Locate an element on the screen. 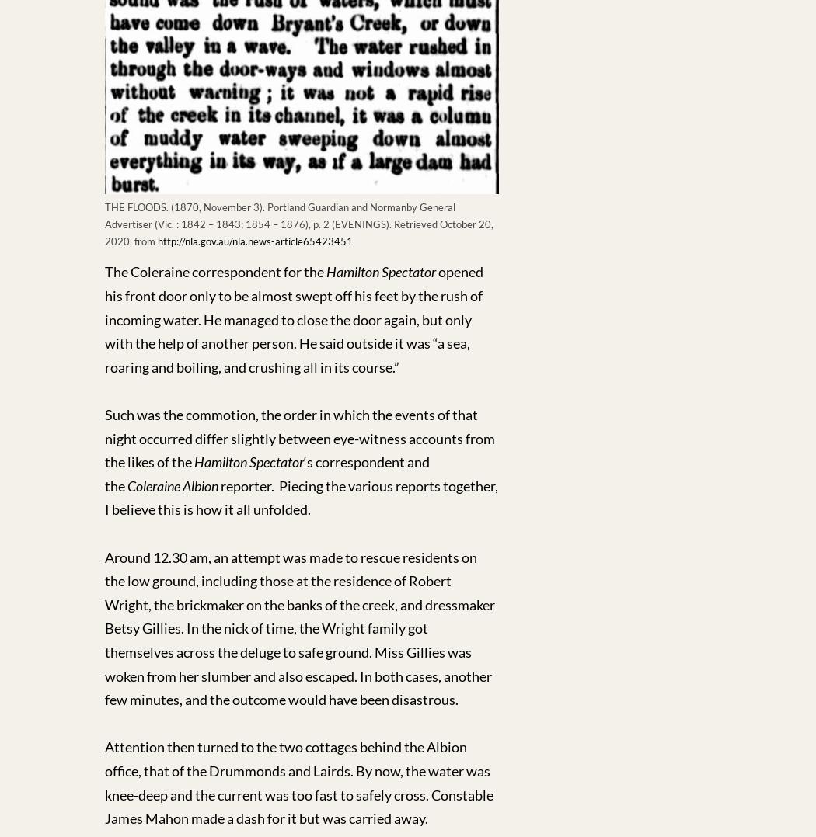 This screenshot has height=837, width=816. 'http://nla.gov.au/nla.news-article65423451' is located at coordinates (255, 241).